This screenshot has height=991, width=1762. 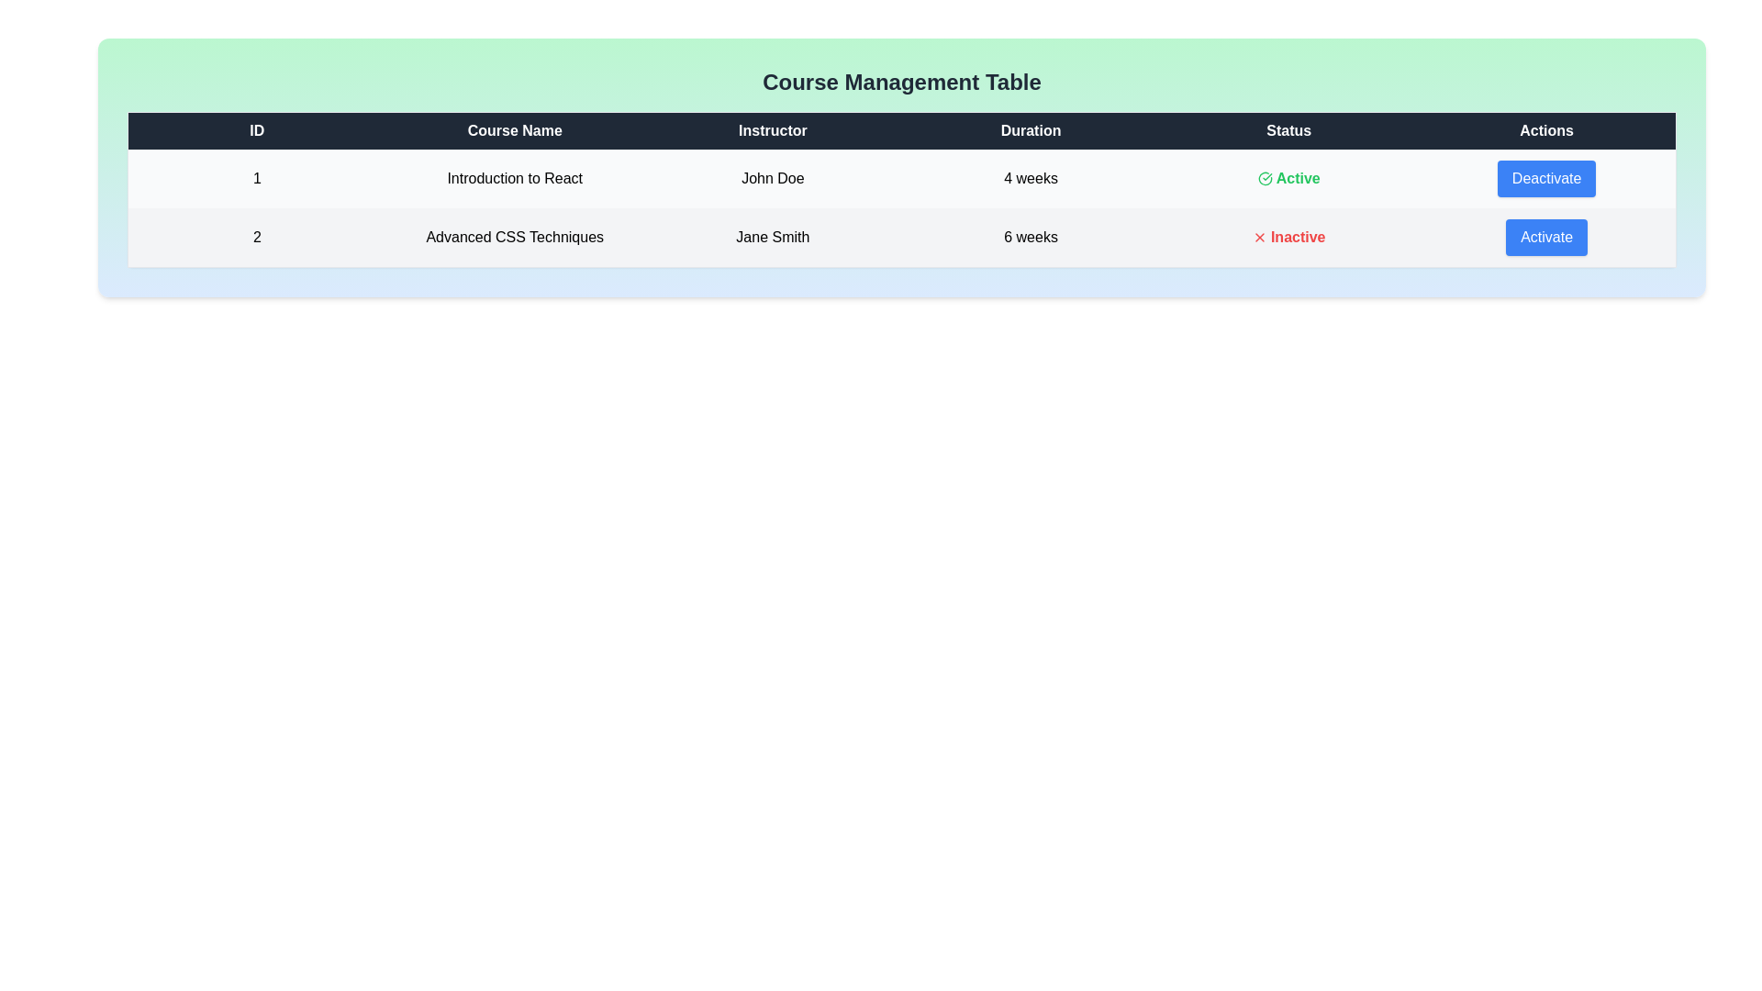 I want to click on the small red 'X' icon, which is positioned to the left of the 'Inactive' text in the 'Status' column of the second row corresponding to the course 'Advanced CSS Techniques', so click(x=1258, y=236).